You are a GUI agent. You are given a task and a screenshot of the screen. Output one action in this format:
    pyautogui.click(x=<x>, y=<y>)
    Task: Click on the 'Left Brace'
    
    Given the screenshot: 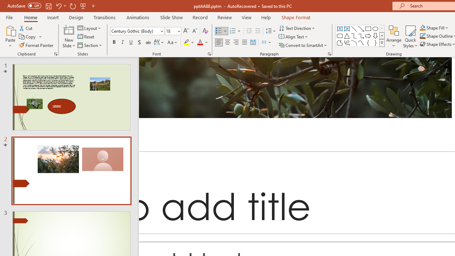 What is the action you would take?
    pyautogui.click(x=368, y=43)
    